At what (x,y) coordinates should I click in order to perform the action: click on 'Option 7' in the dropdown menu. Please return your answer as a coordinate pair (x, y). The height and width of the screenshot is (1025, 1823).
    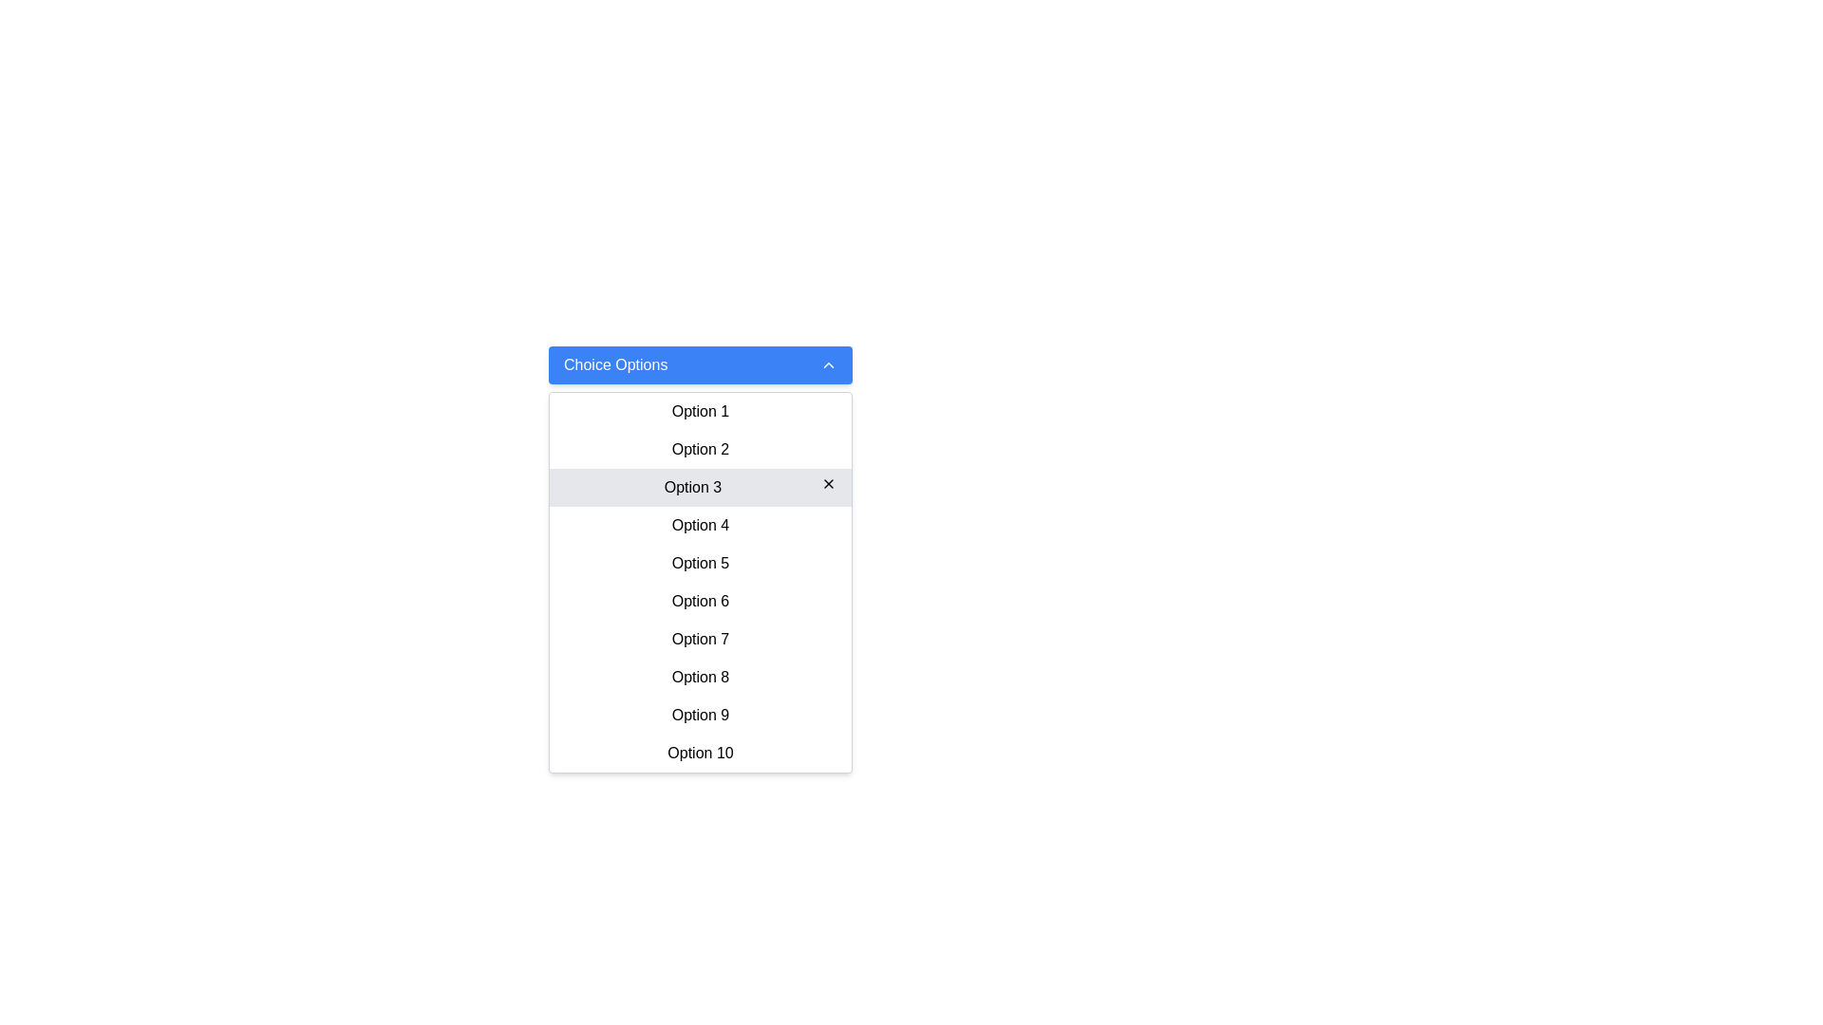
    Looking at the image, I should click on (700, 639).